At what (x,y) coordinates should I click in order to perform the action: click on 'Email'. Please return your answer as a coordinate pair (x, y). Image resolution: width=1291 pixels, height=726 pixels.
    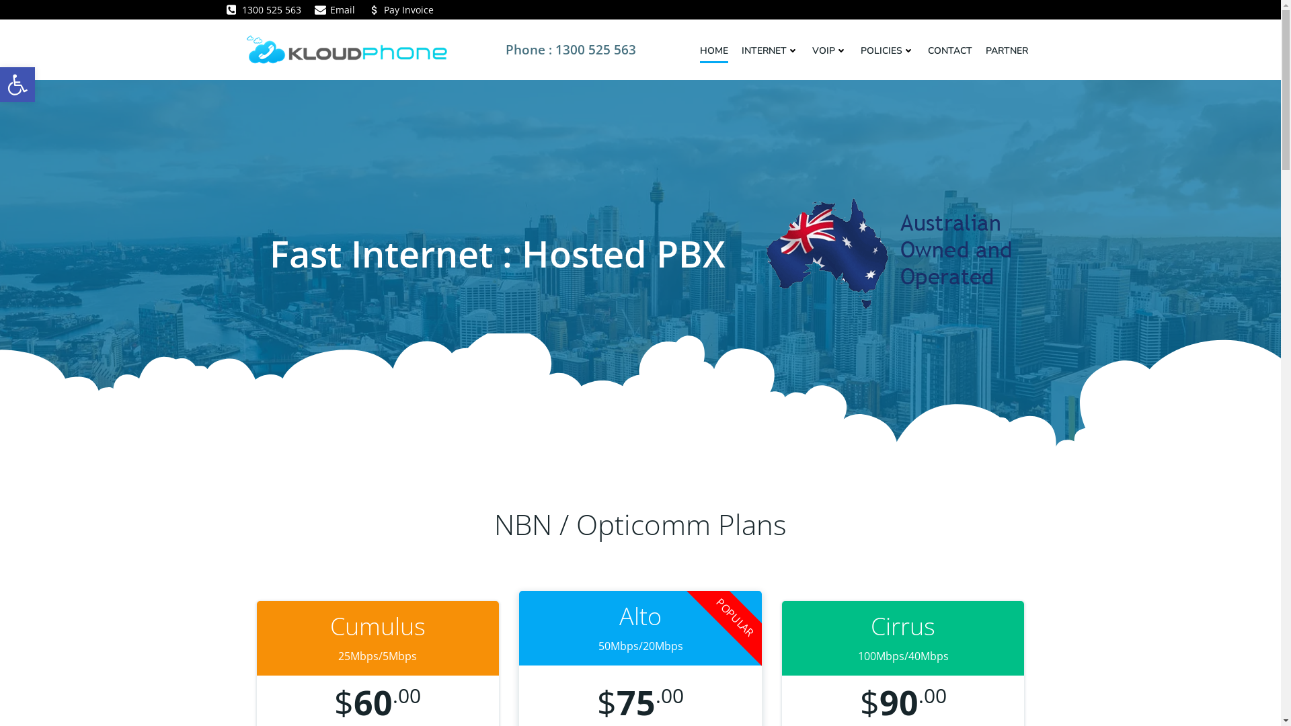
    Looking at the image, I should click on (335, 9).